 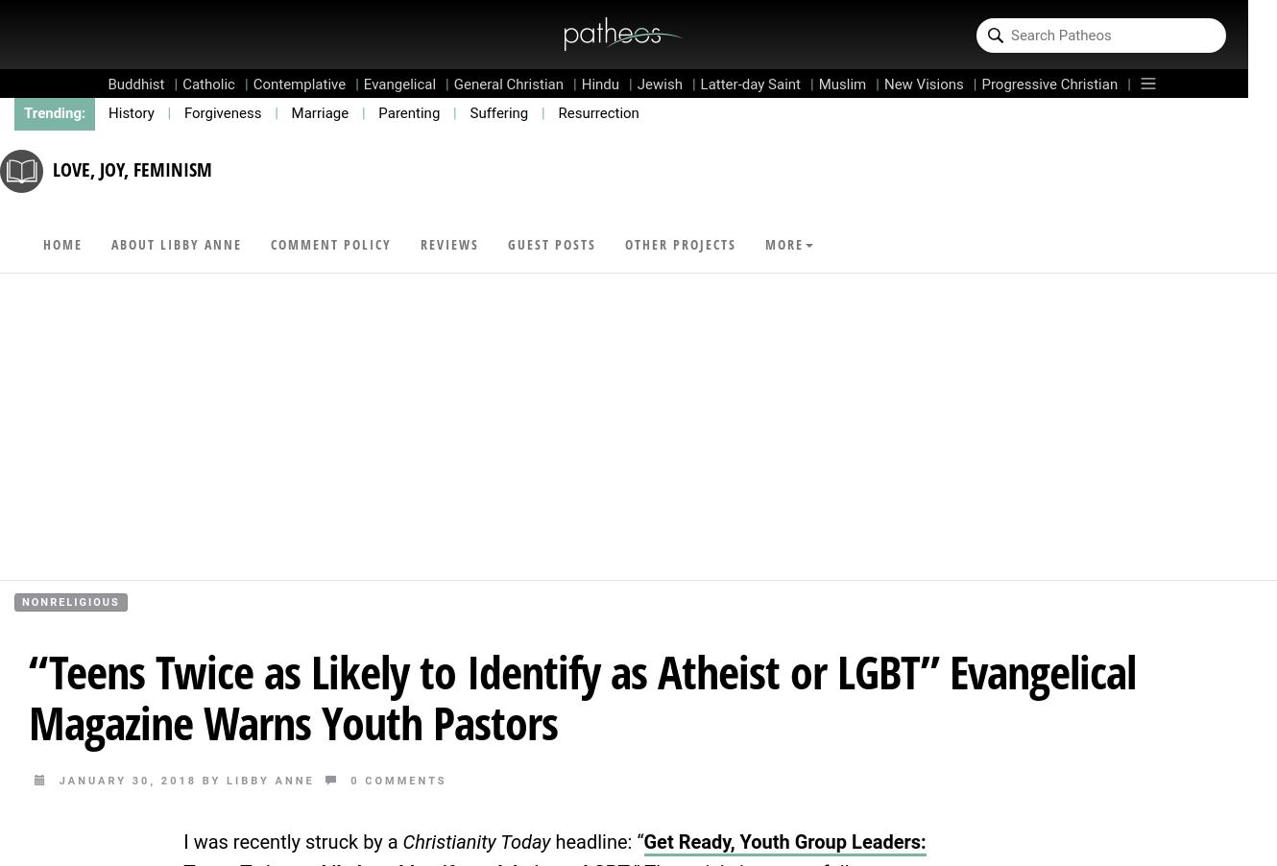 What do you see at coordinates (596, 112) in the screenshot?
I see `'Resurrection'` at bounding box center [596, 112].